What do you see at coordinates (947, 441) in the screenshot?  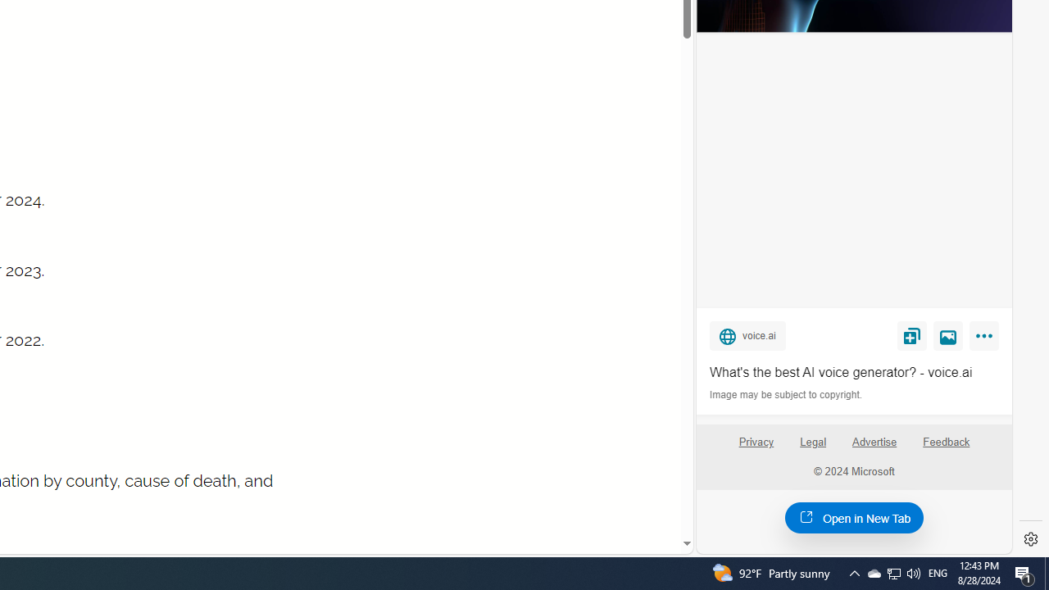 I see `'Feedback'` at bounding box center [947, 441].